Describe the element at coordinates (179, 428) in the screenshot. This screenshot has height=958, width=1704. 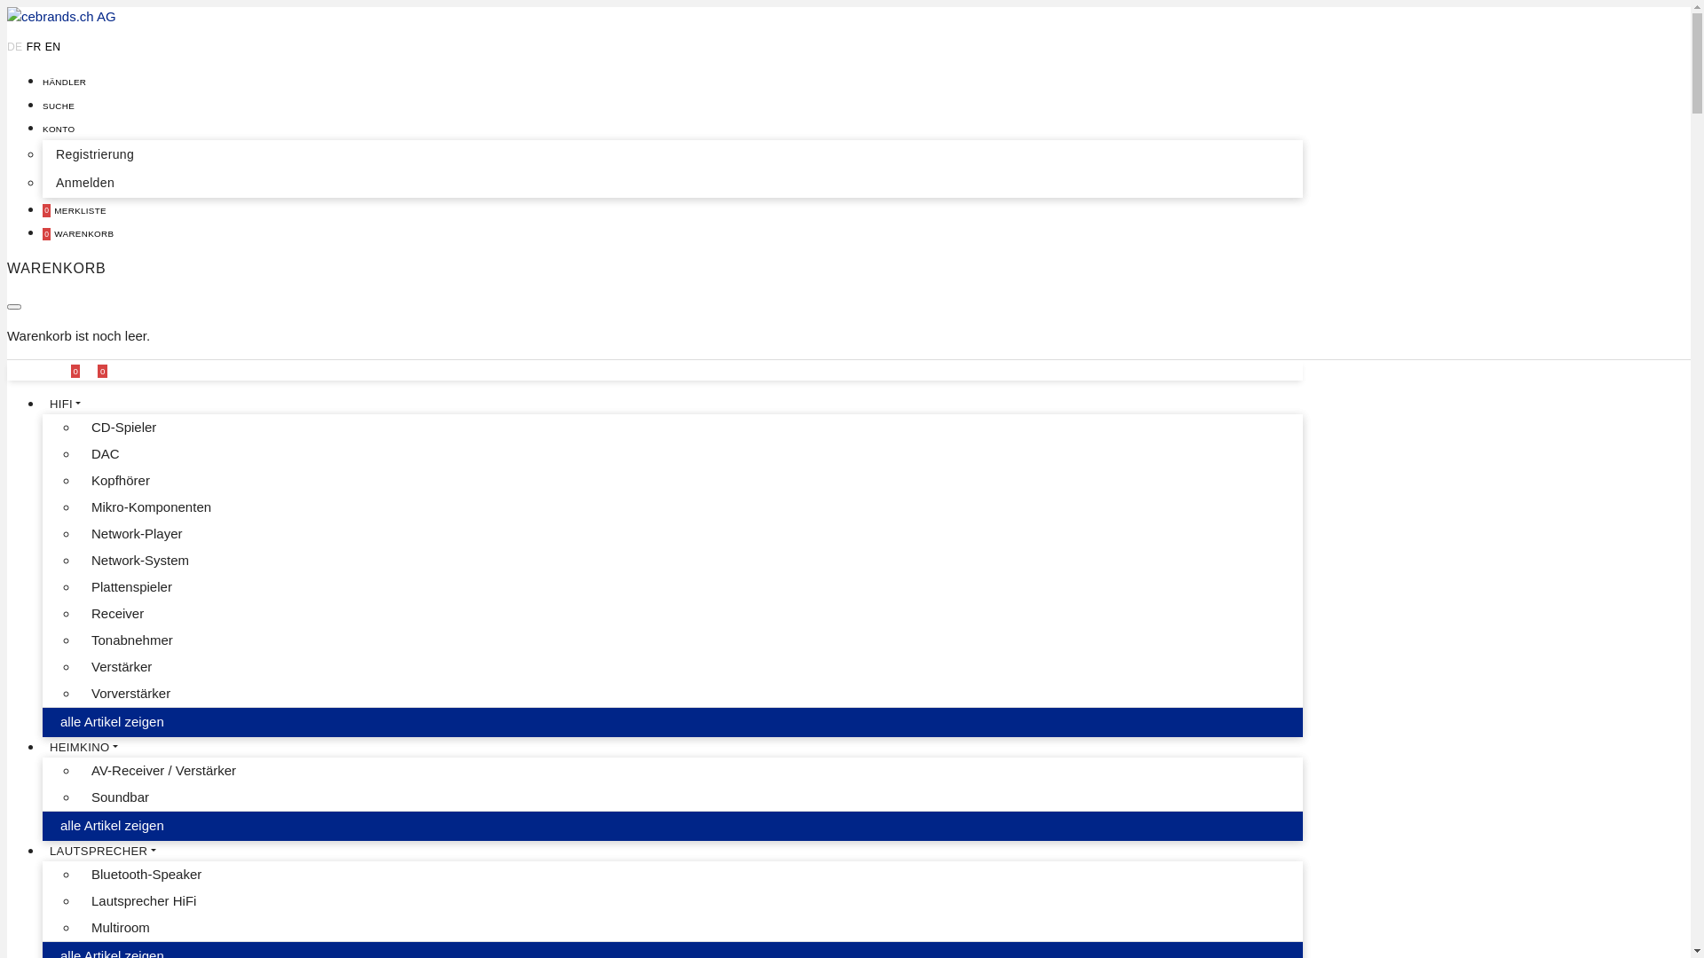
I see `'CD-Spieler'` at that location.